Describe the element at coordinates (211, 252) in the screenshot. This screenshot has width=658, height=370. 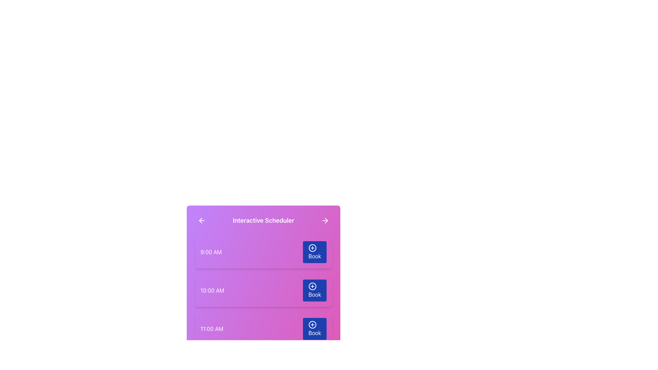
I see `the text label displaying '9:00 AM' positioned on the left side of the purple rectangular card in the vertically stacked list` at that location.